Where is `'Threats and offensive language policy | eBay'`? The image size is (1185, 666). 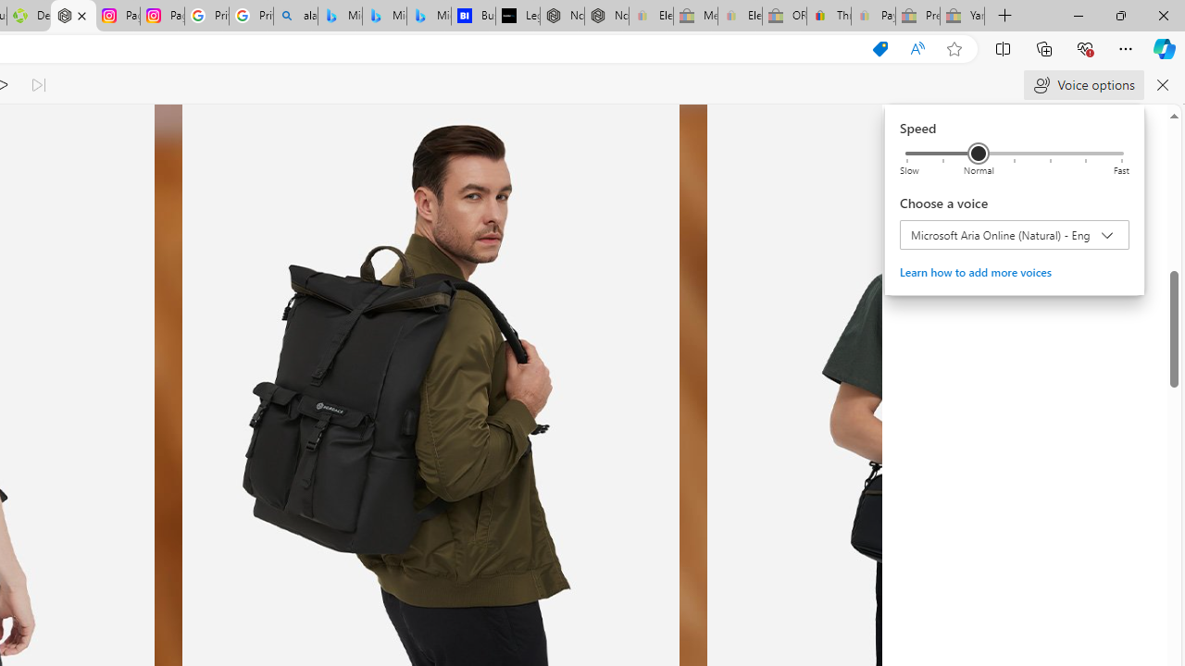 'Threats and offensive language policy | eBay' is located at coordinates (828, 16).